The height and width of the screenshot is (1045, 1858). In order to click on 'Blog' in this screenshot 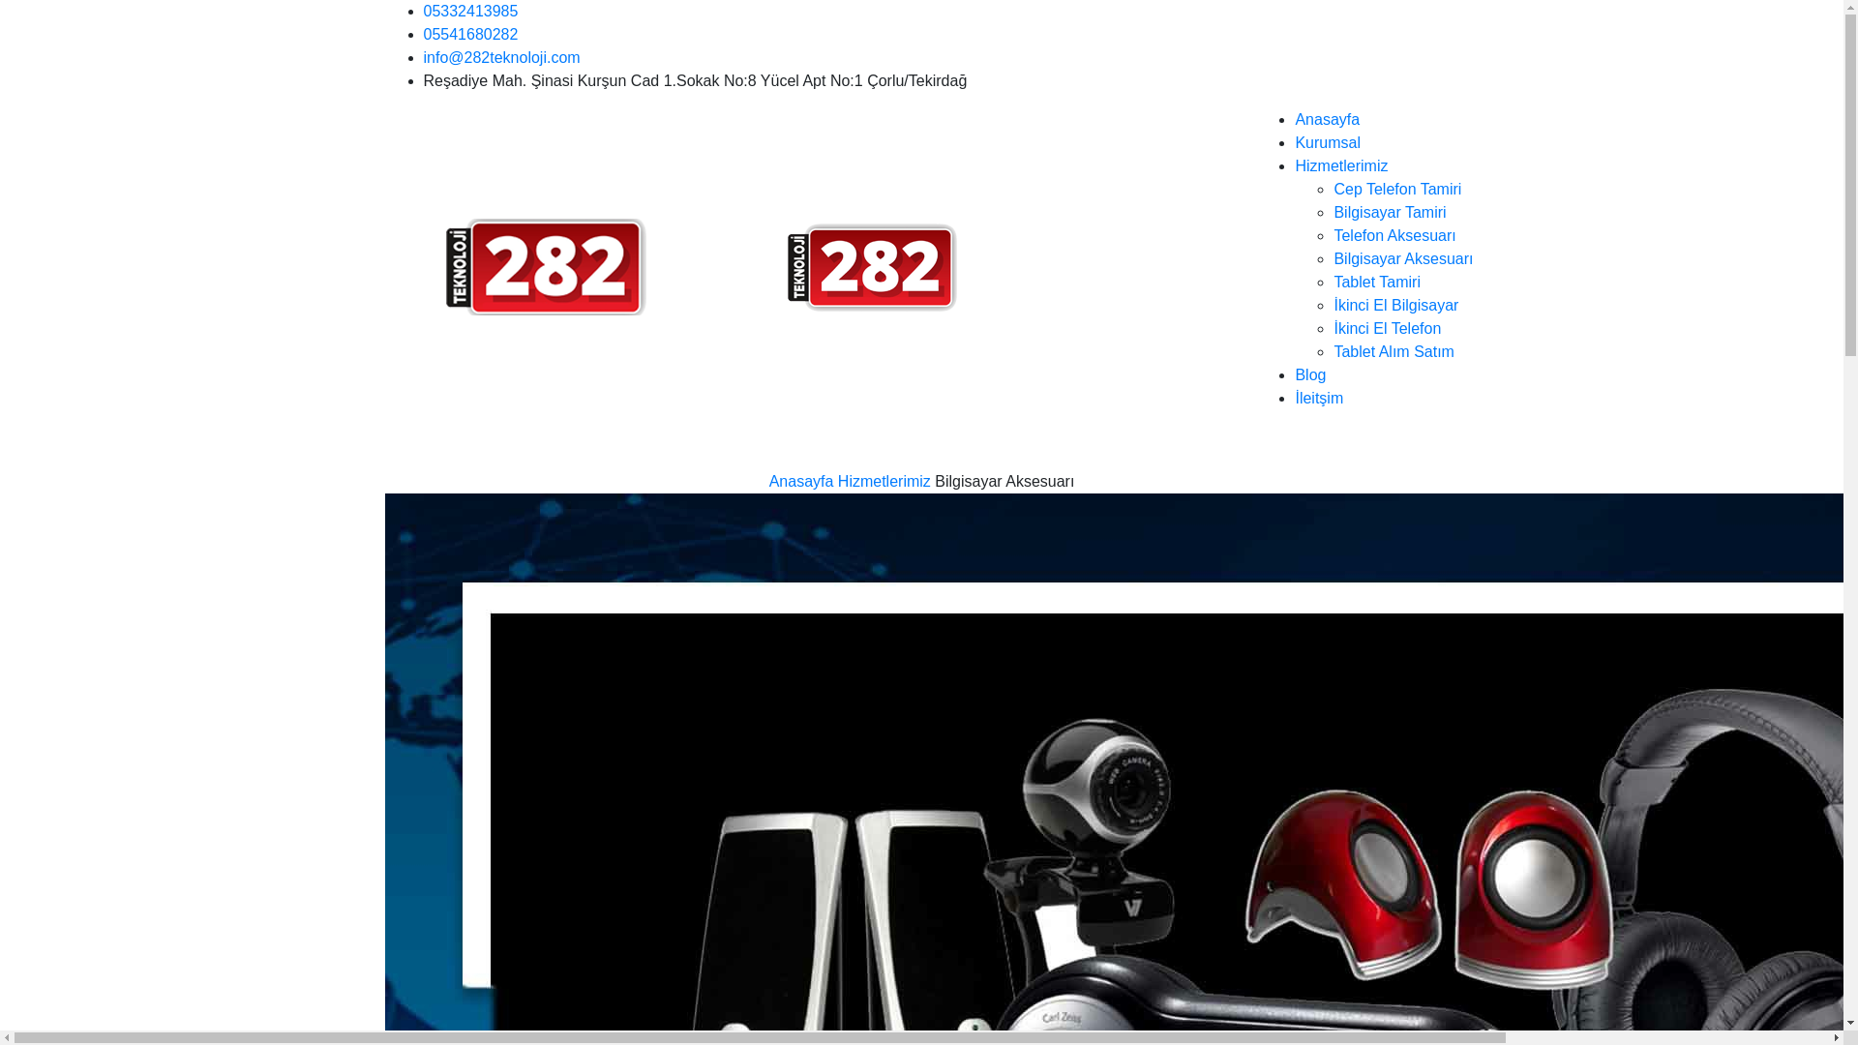, I will do `click(1309, 374)`.